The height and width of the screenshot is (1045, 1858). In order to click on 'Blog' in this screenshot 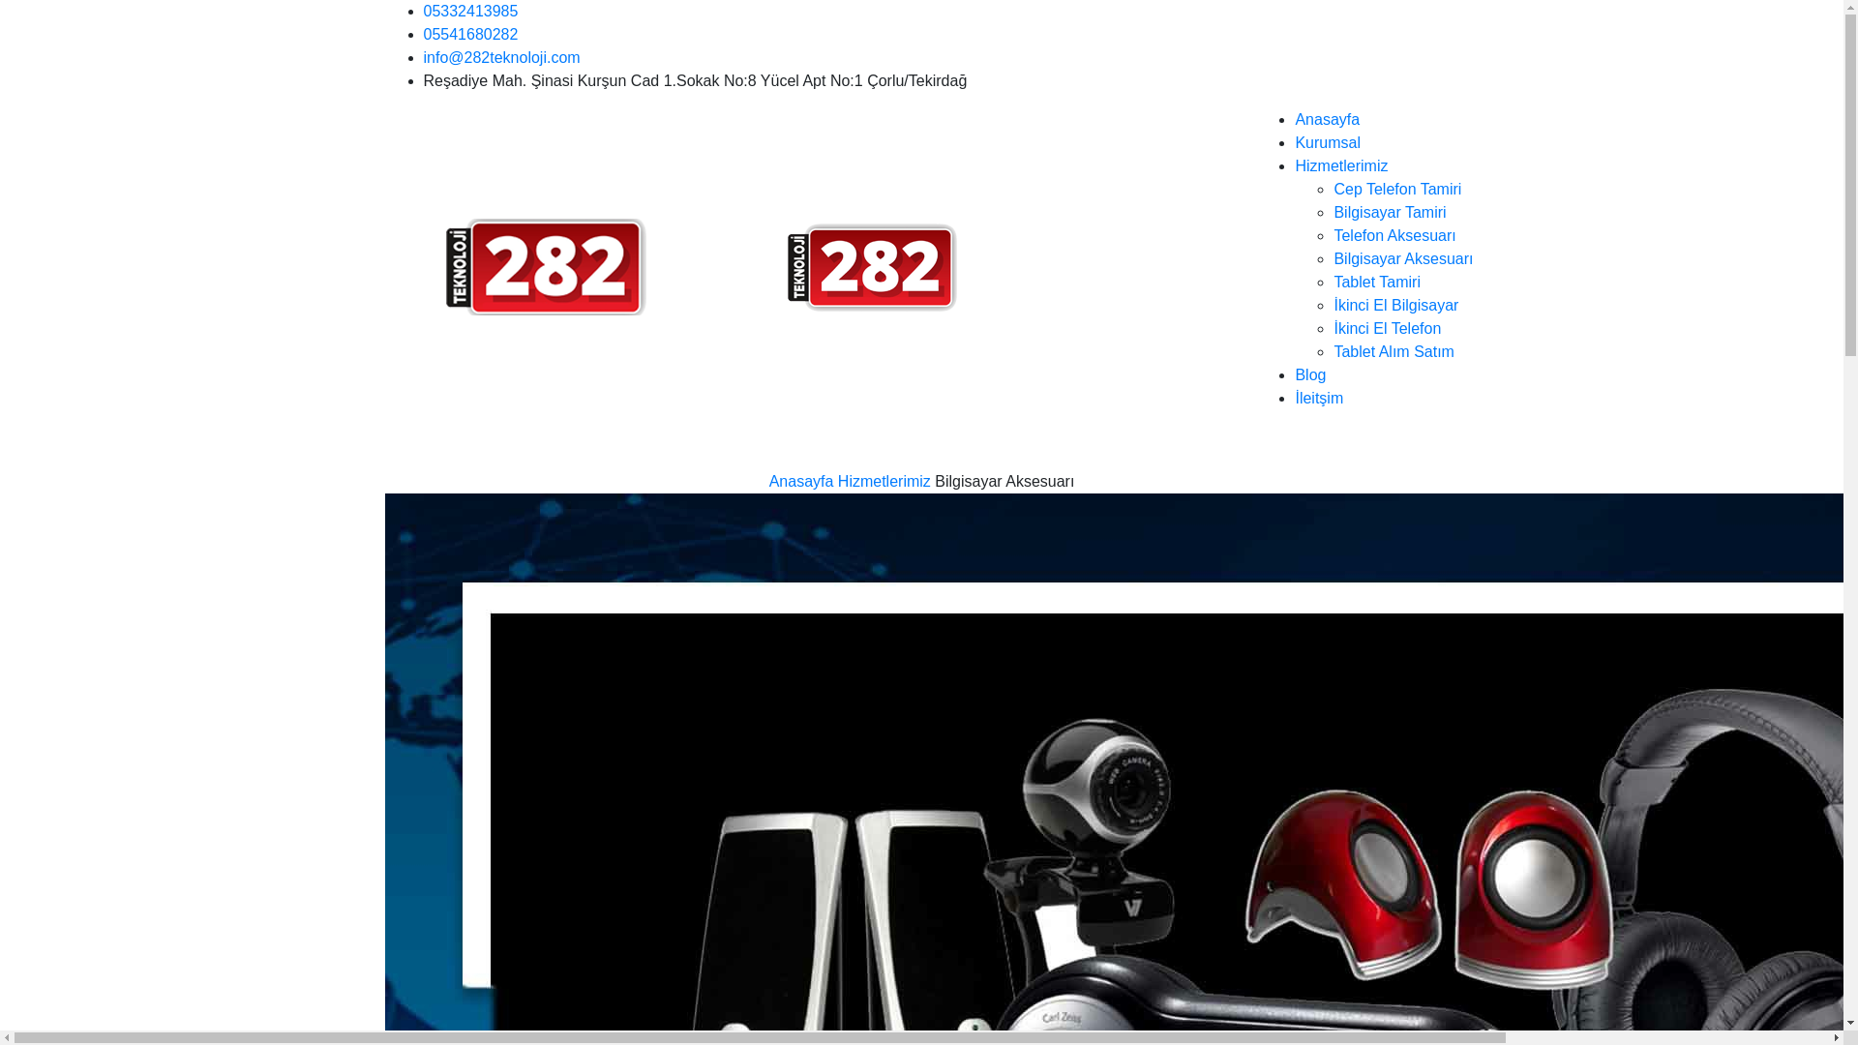, I will do `click(1309, 374)`.